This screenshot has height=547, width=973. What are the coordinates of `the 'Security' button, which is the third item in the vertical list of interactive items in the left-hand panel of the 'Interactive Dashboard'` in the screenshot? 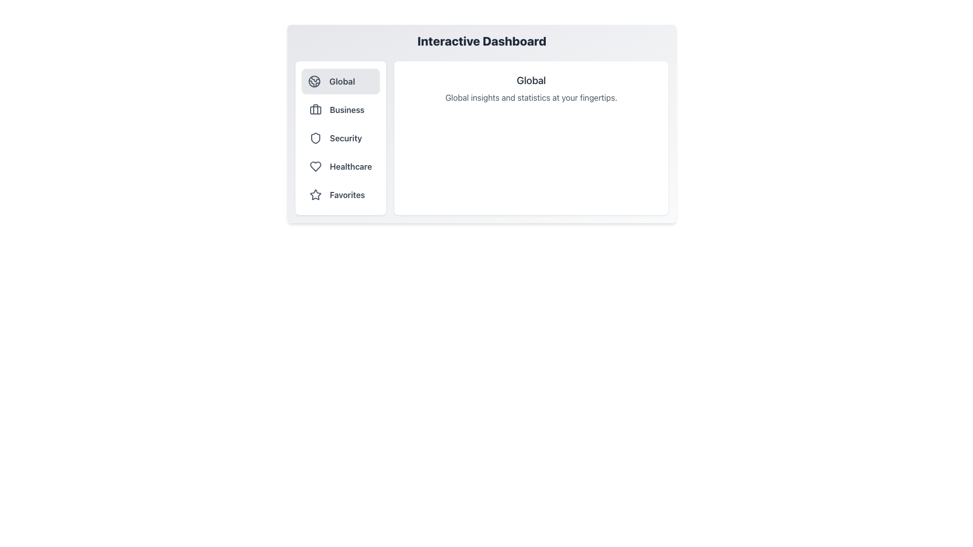 It's located at (341, 138).